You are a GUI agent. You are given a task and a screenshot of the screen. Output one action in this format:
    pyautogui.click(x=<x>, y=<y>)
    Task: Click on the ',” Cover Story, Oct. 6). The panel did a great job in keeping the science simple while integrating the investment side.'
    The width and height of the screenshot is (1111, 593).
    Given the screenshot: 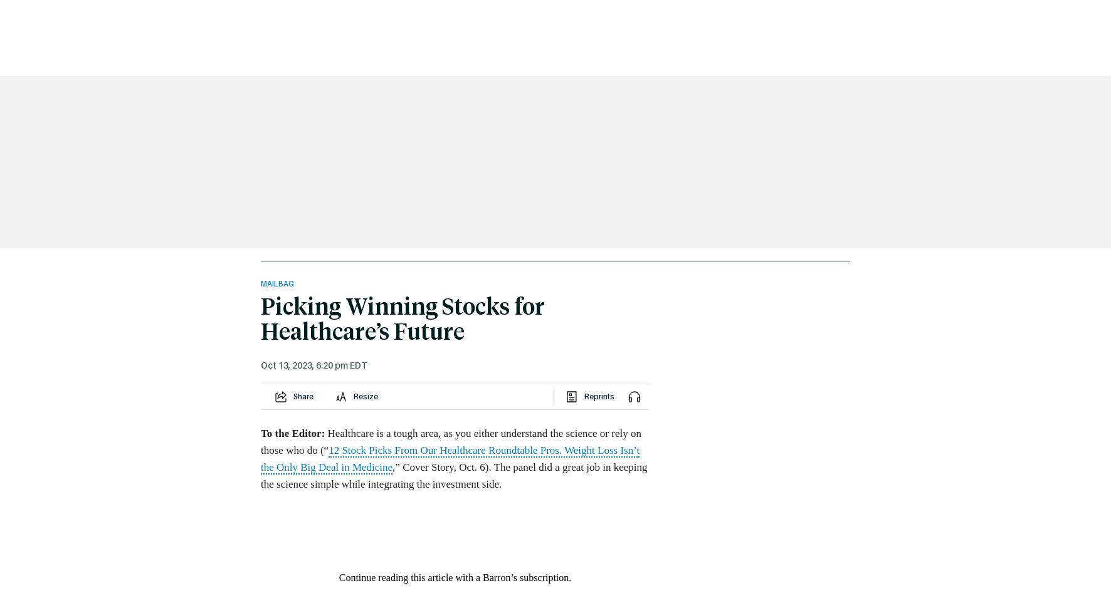 What is the action you would take?
    pyautogui.click(x=453, y=475)
    